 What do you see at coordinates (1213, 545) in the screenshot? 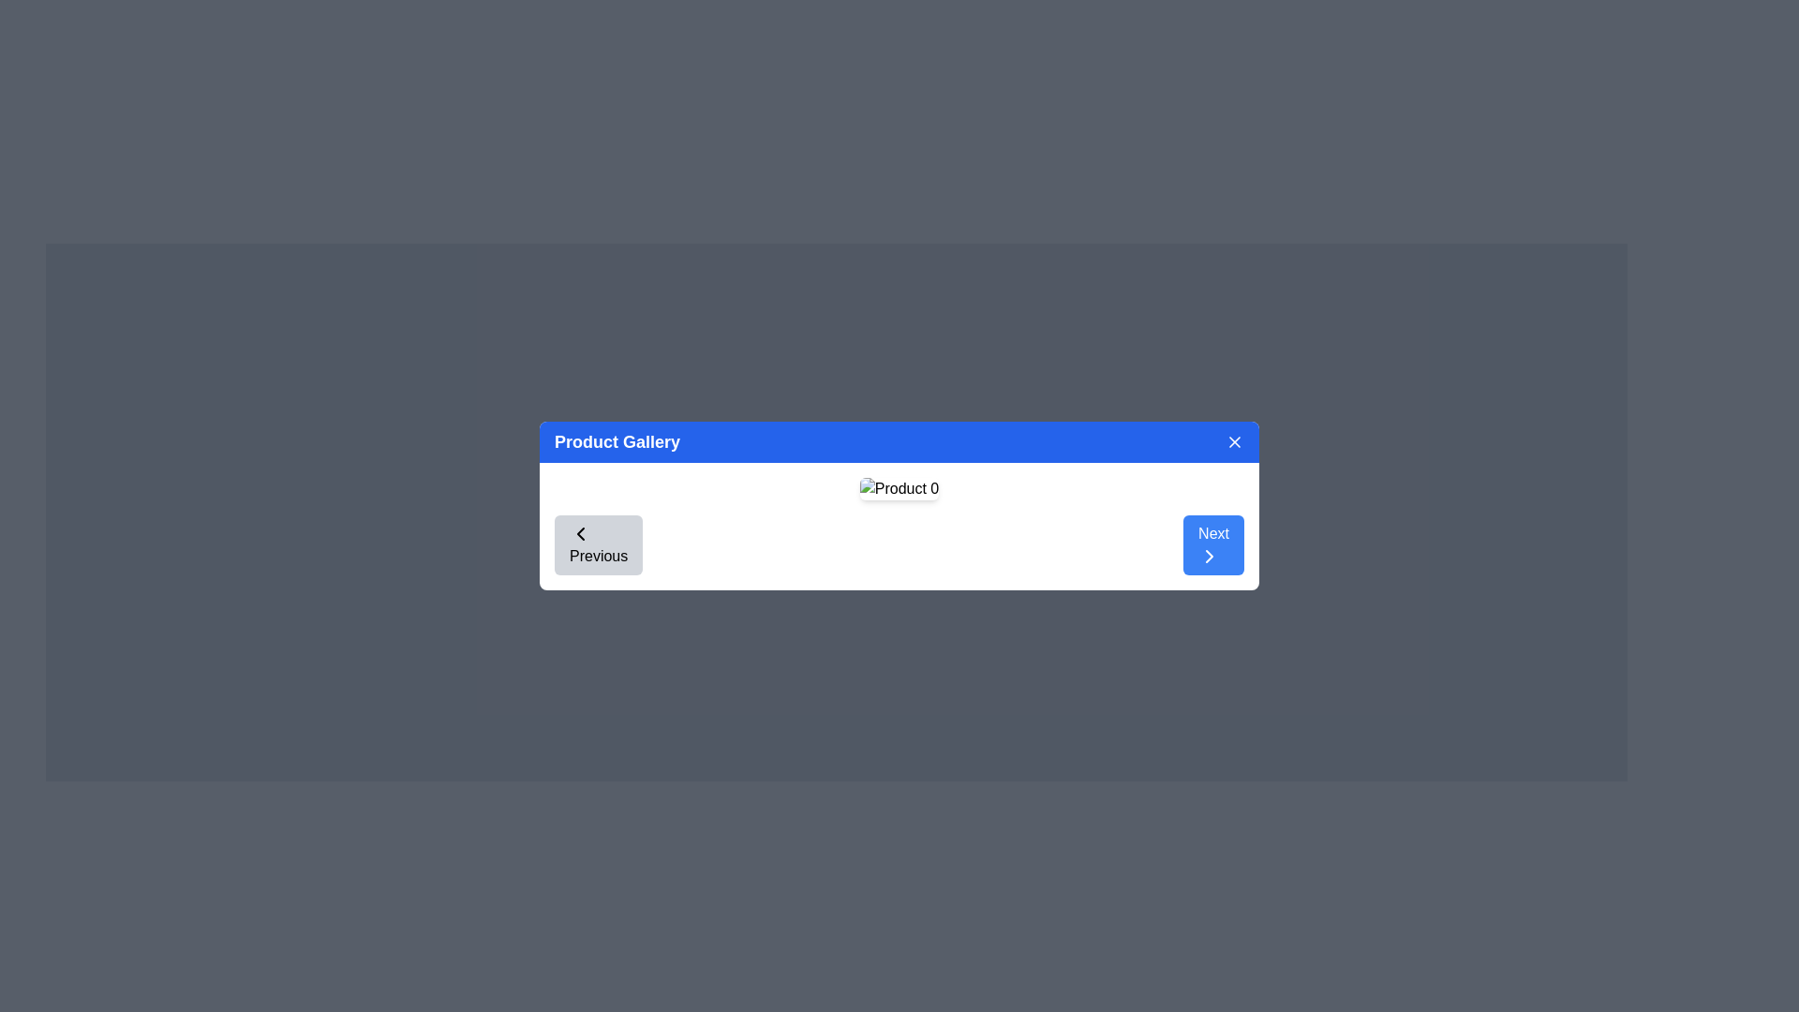
I see `the 'Next' button, which is a rectangular button with a blue background and rounded corners, featuring the text 'Next' in white and a right-chevron icon` at bounding box center [1213, 545].